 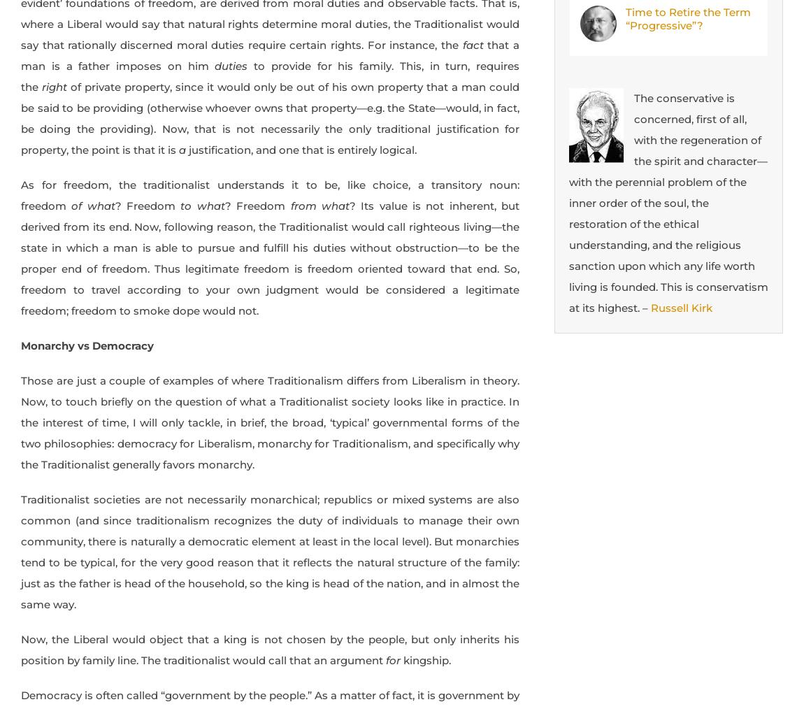 I want to click on 'Russell Kirk', so click(x=681, y=308).